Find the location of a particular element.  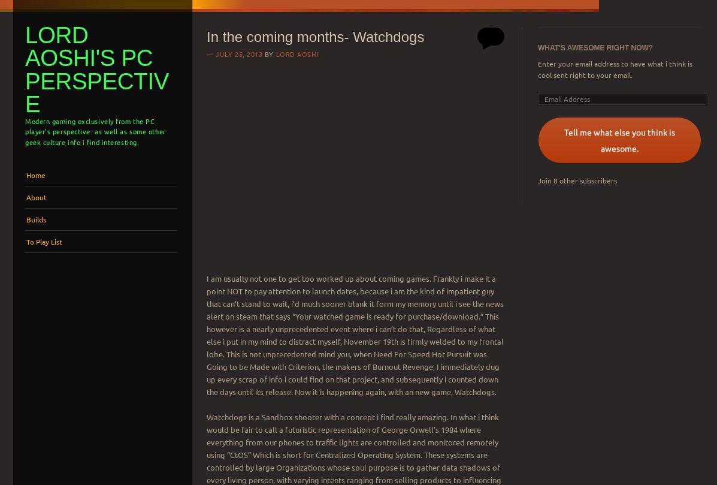

'Lord Aoshi' is located at coordinates (275, 53).